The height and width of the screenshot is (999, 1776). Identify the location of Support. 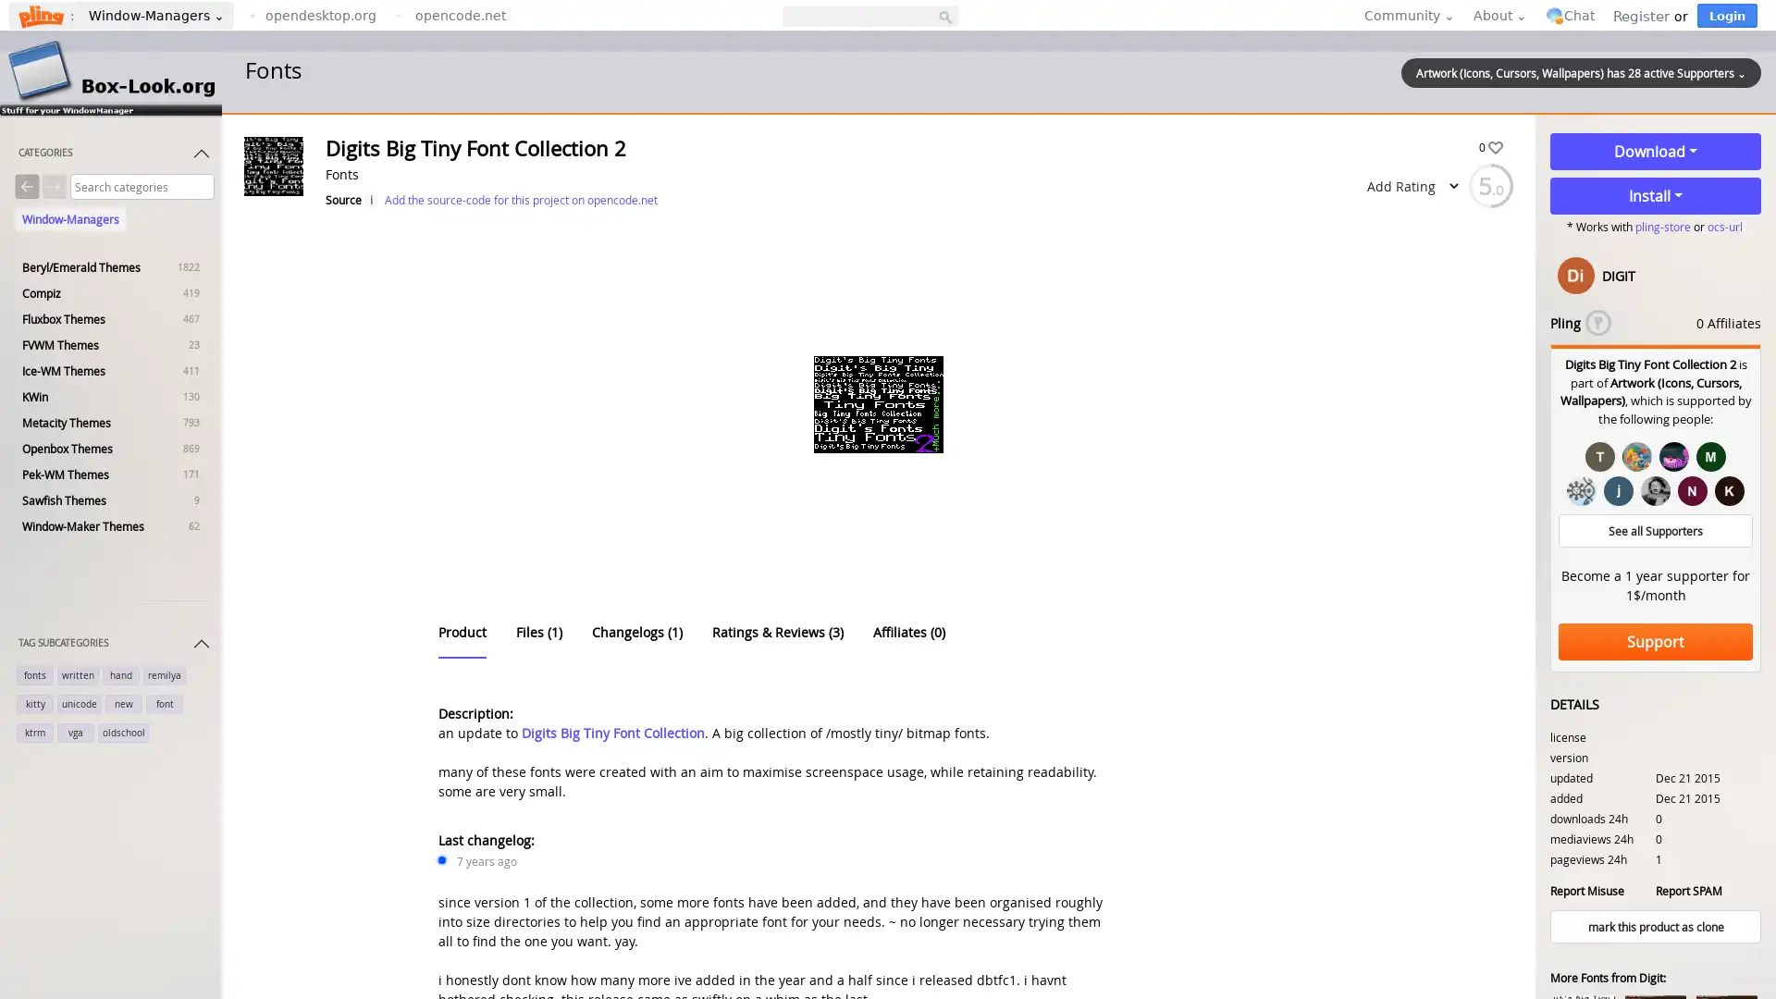
(1656, 641).